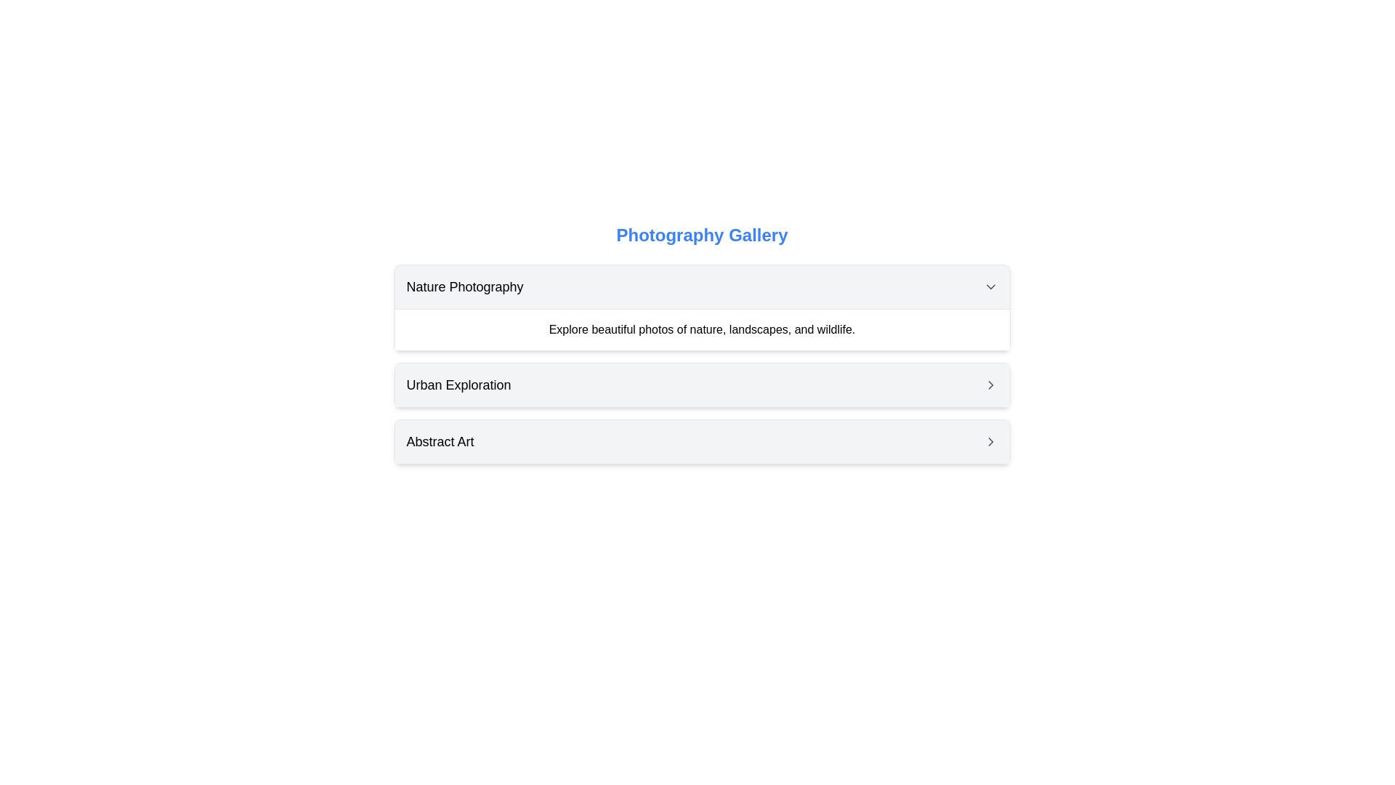 The image size is (1395, 785). Describe the element at coordinates (702, 441) in the screenshot. I see `the selection button for the 'Abstract Art' category, which is the last item in the vertical stack under 'Photography Gallery'` at that location.